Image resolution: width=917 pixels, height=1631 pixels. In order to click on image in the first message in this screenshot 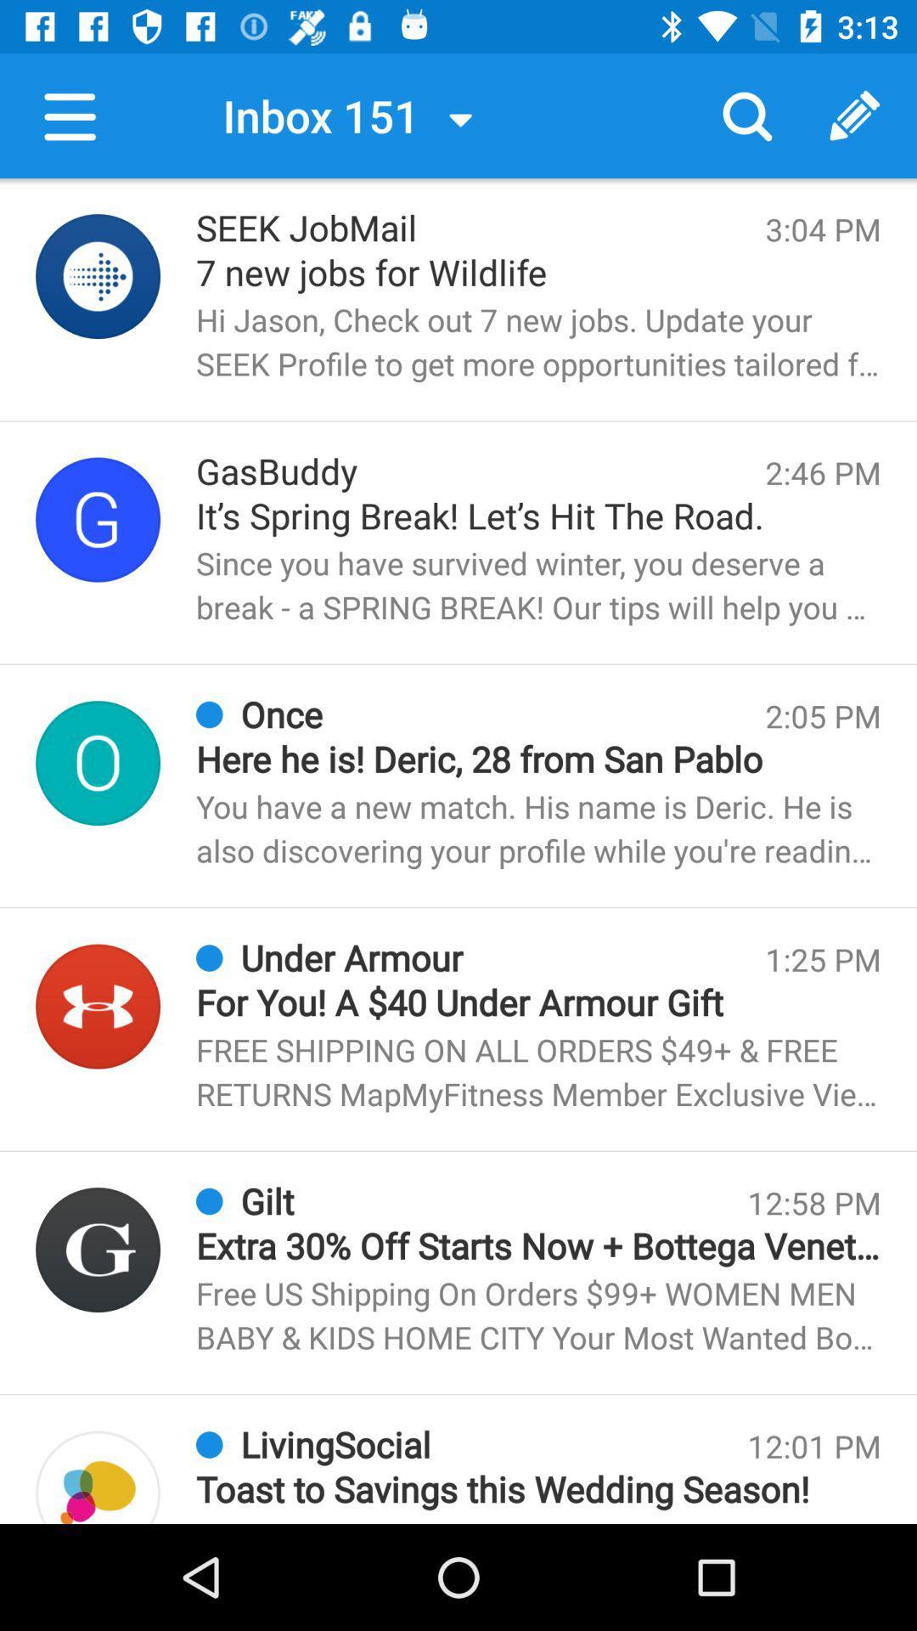, I will do `click(98, 276)`.